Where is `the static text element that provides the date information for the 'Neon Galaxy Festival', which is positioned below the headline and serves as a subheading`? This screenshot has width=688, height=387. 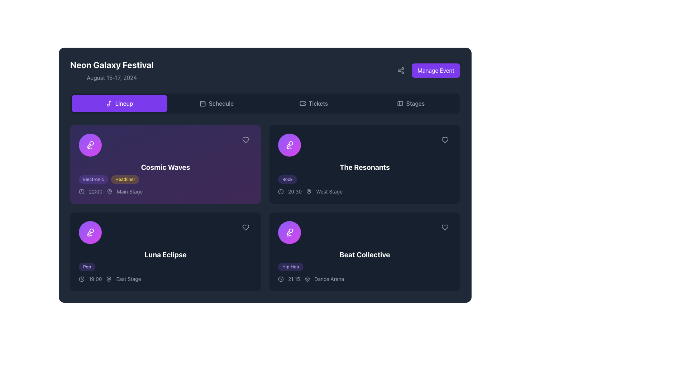
the static text element that provides the date information for the 'Neon Galaxy Festival', which is positioned below the headline and serves as a subheading is located at coordinates (111, 77).